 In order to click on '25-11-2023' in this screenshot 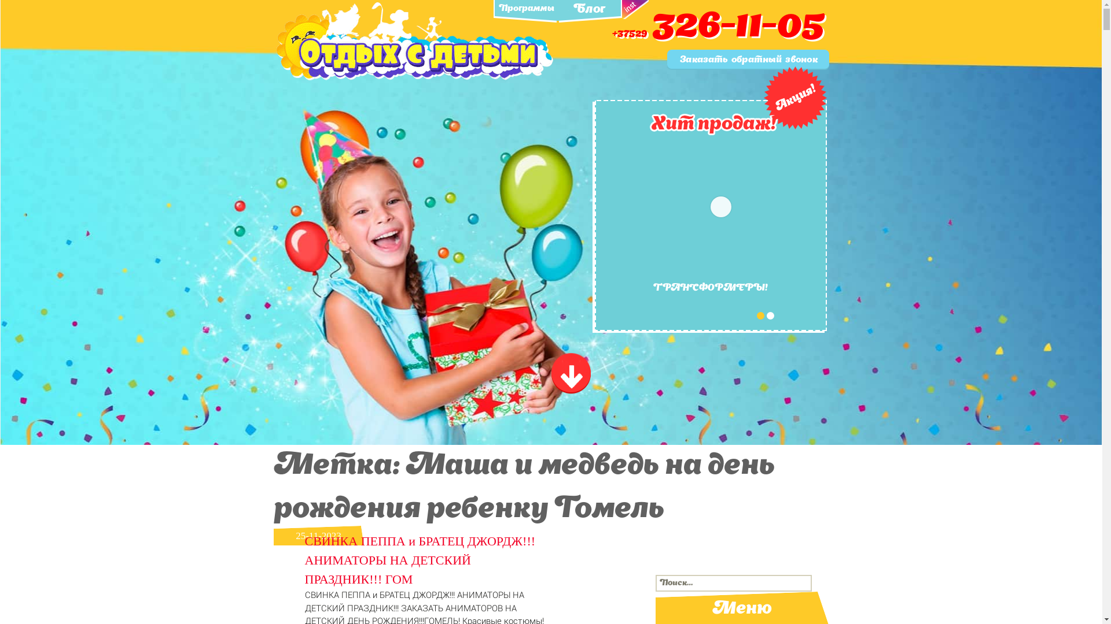, I will do `click(289, 538)`.